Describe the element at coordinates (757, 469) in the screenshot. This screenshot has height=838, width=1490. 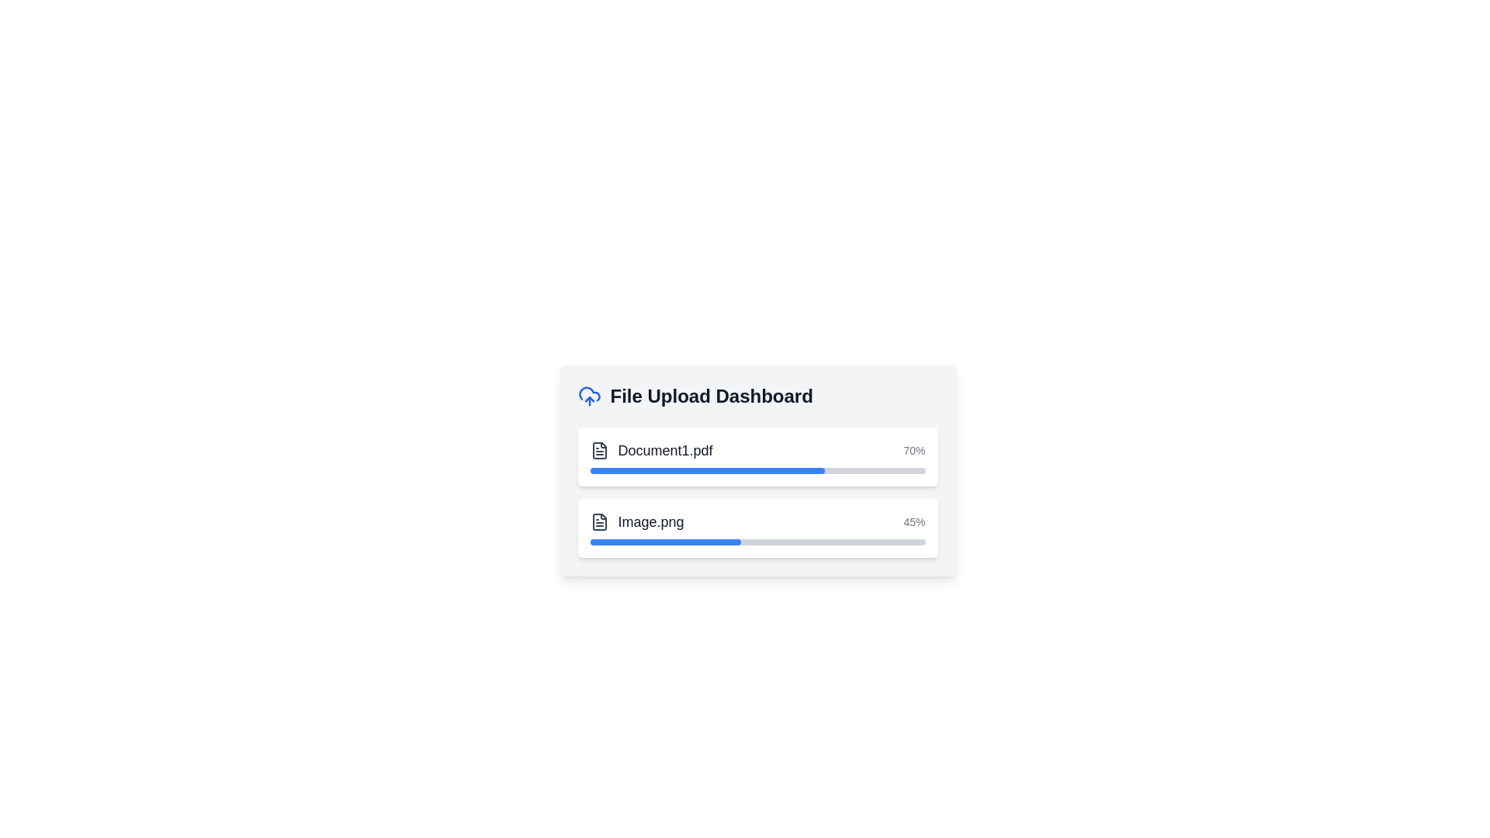
I see `the progress visually by focusing on the horizontal progress bar representing 70% completion, located below the label 'Document1.pdf' in the 'File Upload Dashboard'` at that location.